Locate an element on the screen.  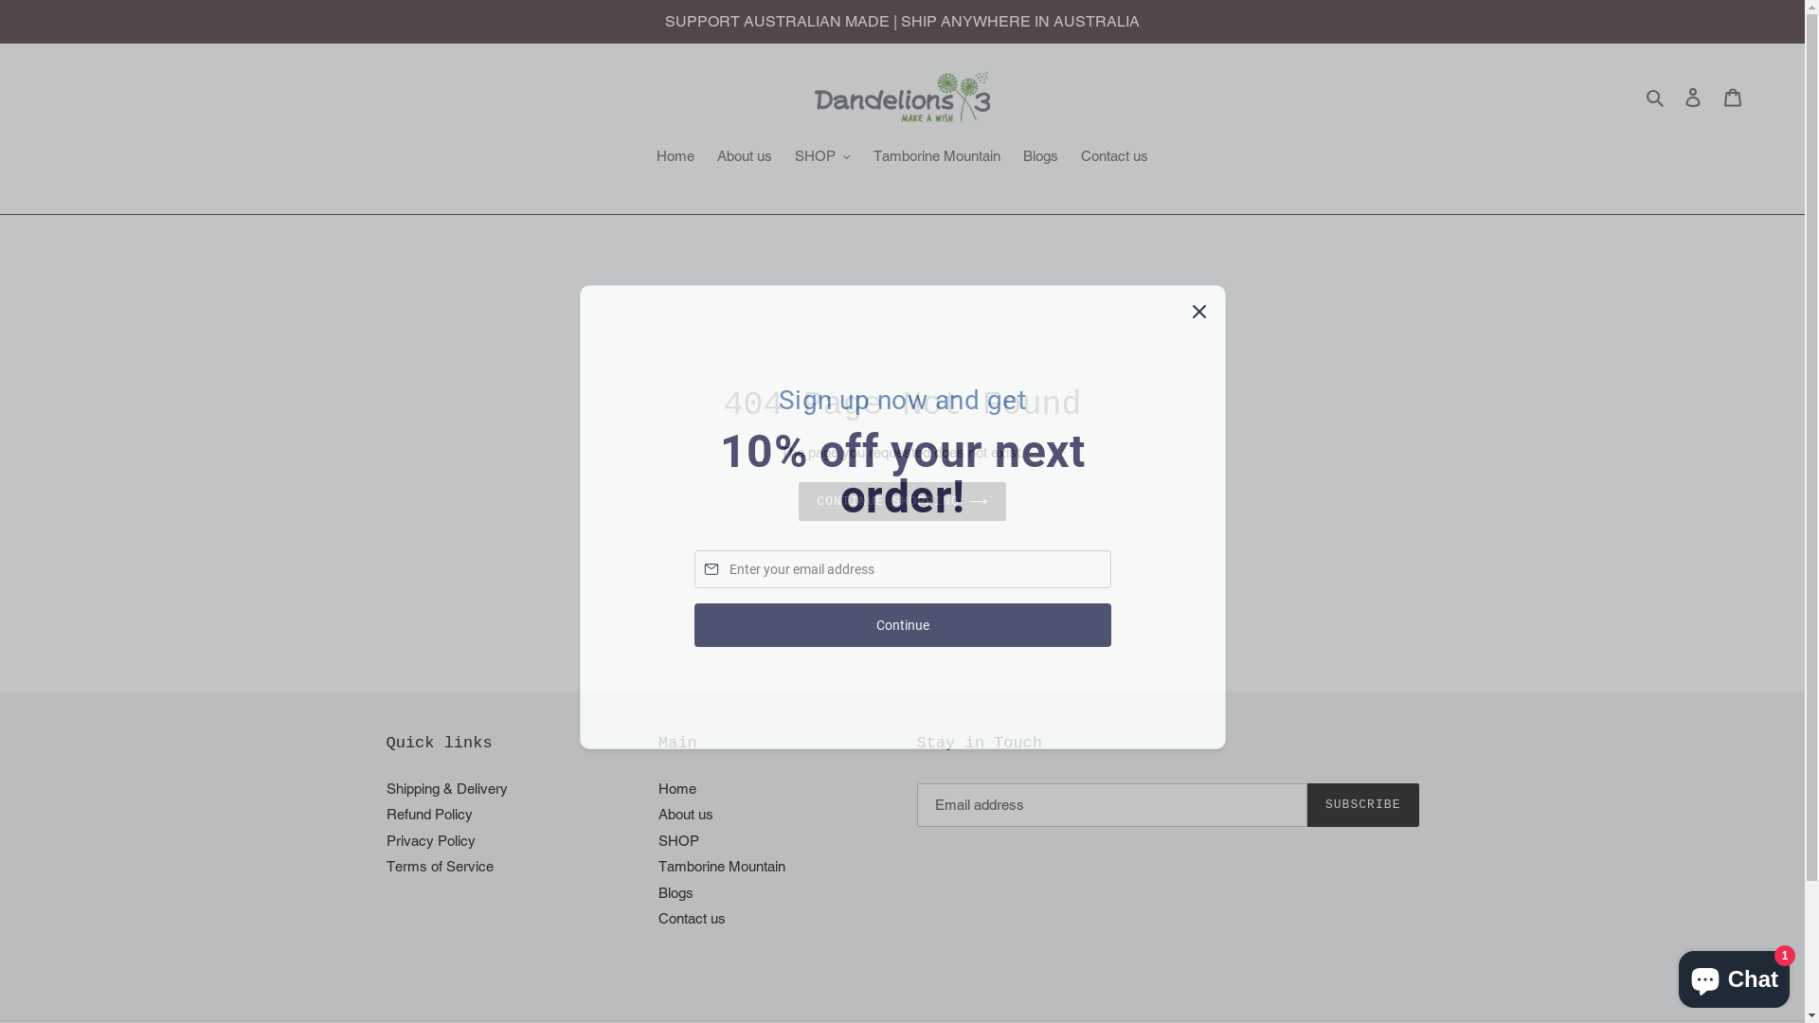
'About us' is located at coordinates (744, 156).